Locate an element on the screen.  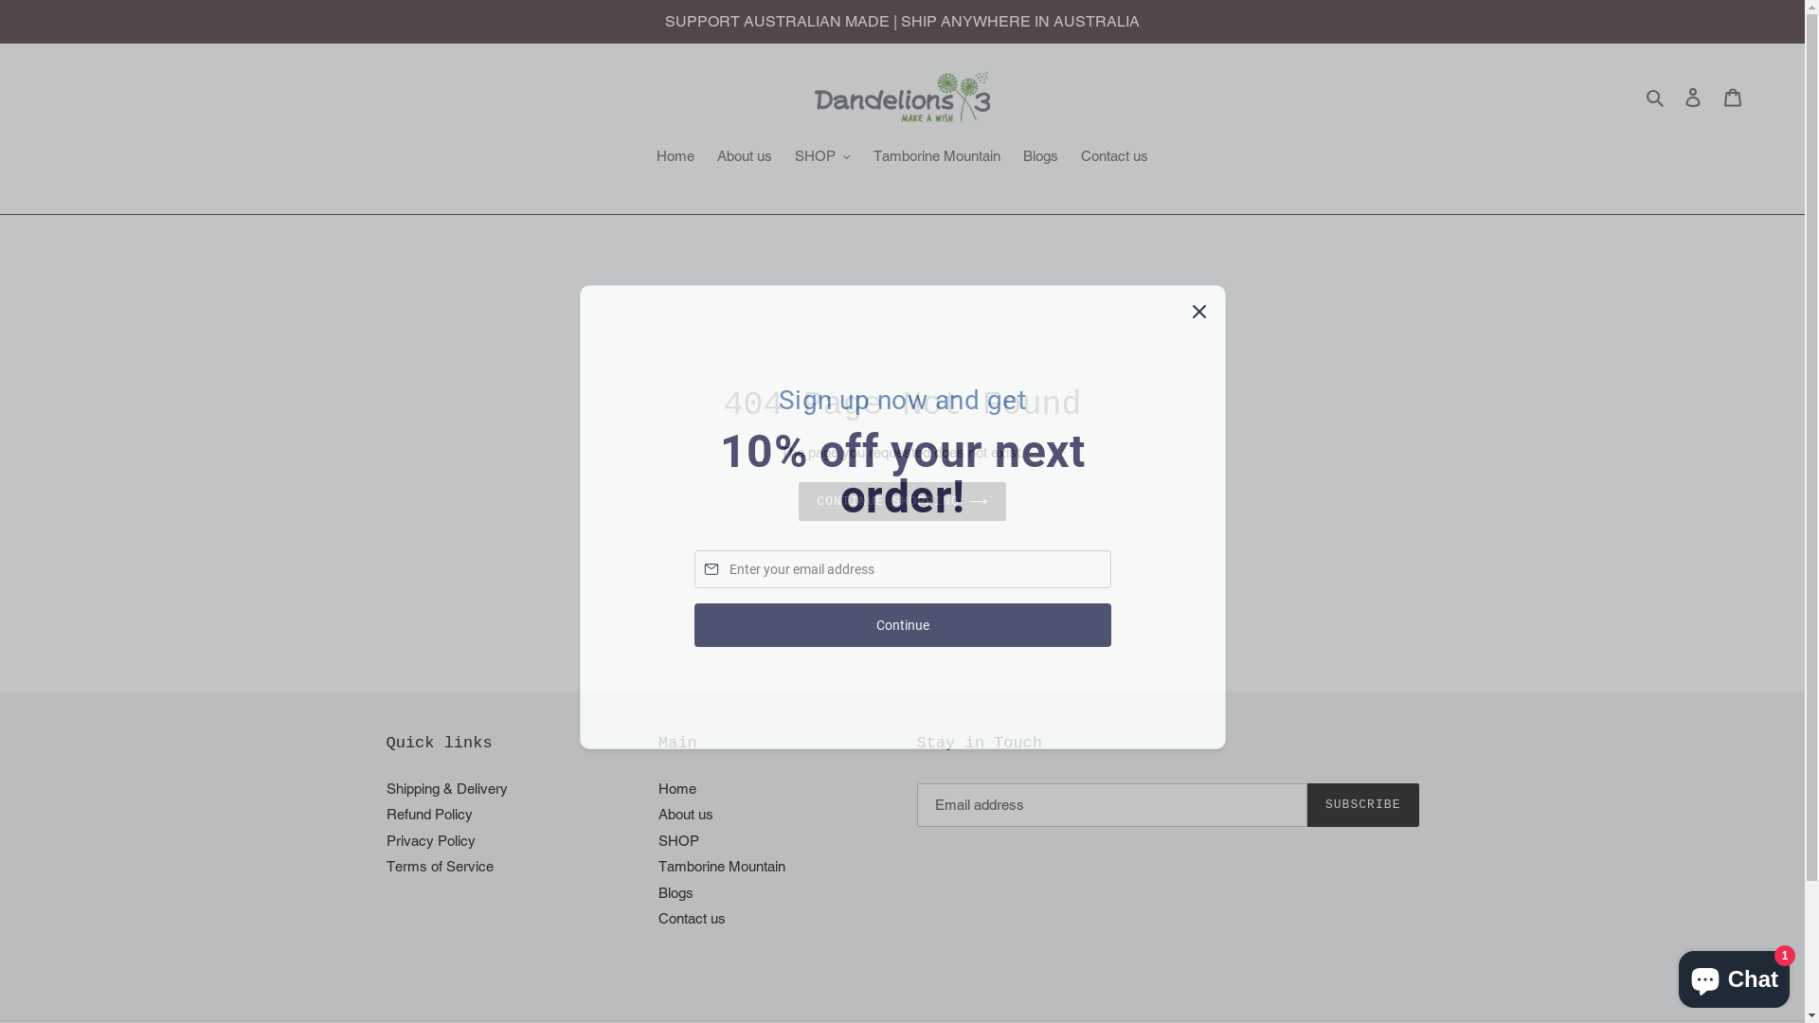
'About us' is located at coordinates (744, 156).